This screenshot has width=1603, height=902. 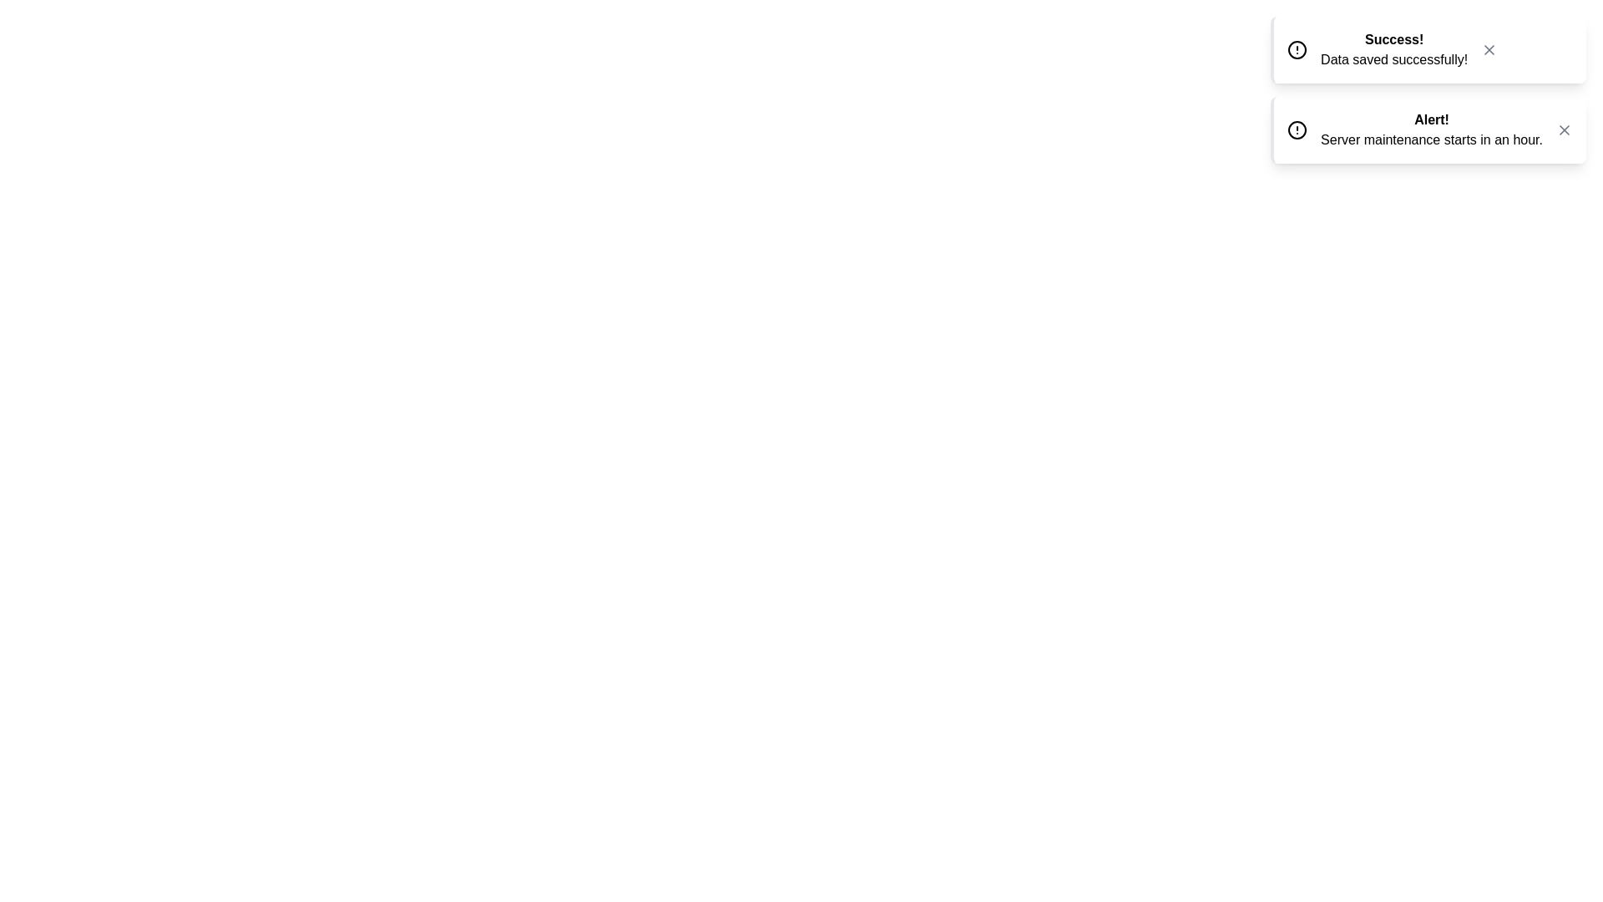 I want to click on the close button of the toast notification with Alert, so click(x=1563, y=129).